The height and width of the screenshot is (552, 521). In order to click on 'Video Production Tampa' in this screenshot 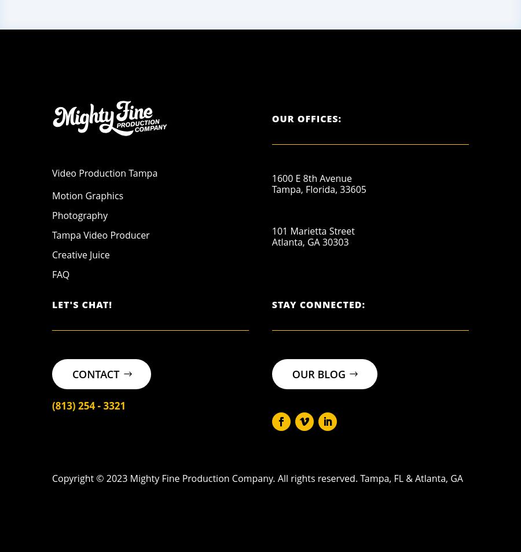, I will do `click(104, 172)`.